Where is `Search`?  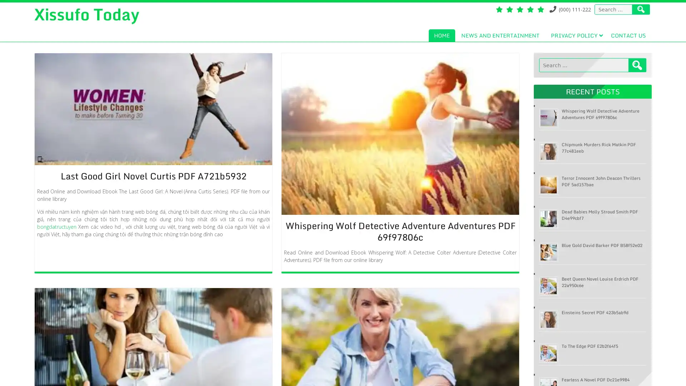 Search is located at coordinates (641, 9).